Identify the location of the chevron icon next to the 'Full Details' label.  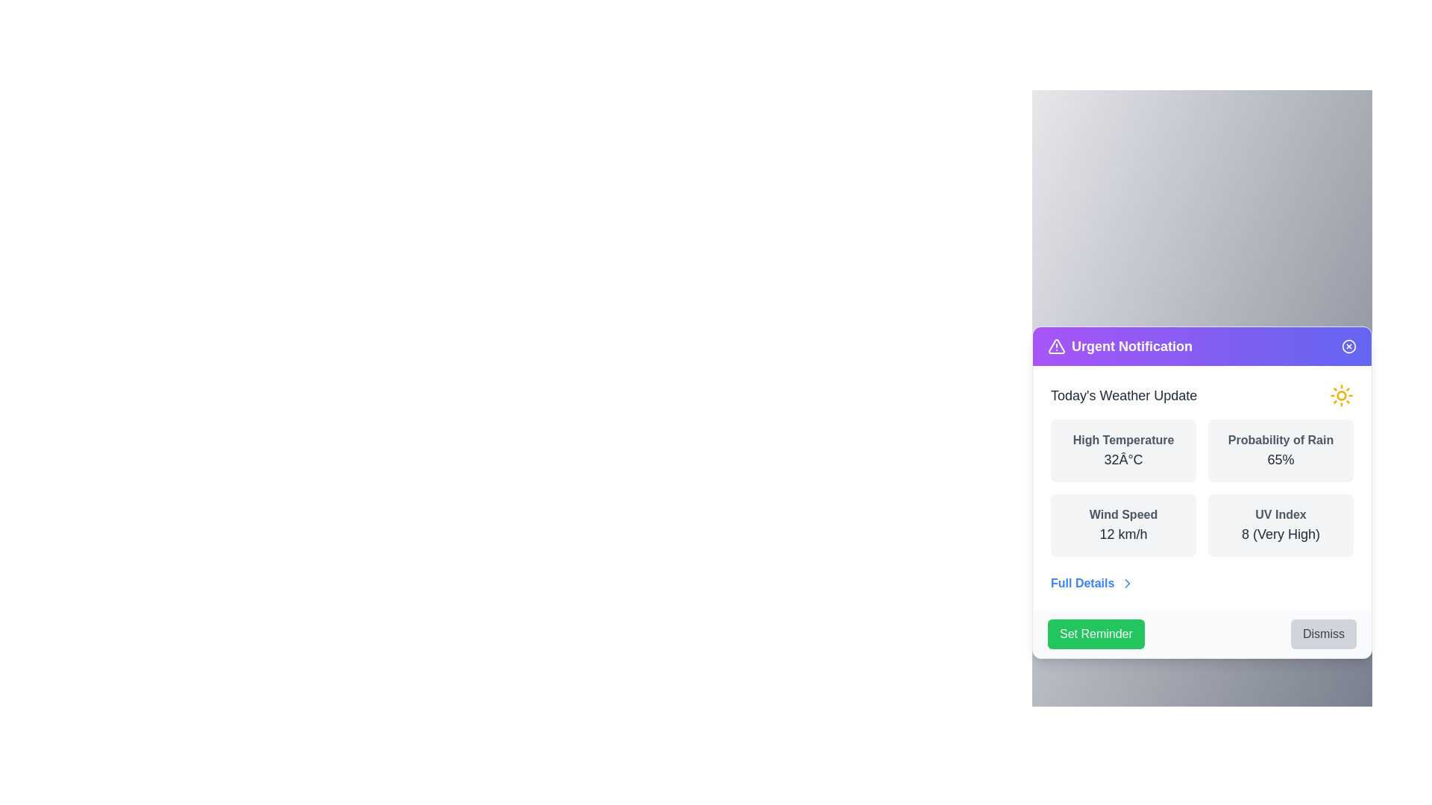
(1128, 583).